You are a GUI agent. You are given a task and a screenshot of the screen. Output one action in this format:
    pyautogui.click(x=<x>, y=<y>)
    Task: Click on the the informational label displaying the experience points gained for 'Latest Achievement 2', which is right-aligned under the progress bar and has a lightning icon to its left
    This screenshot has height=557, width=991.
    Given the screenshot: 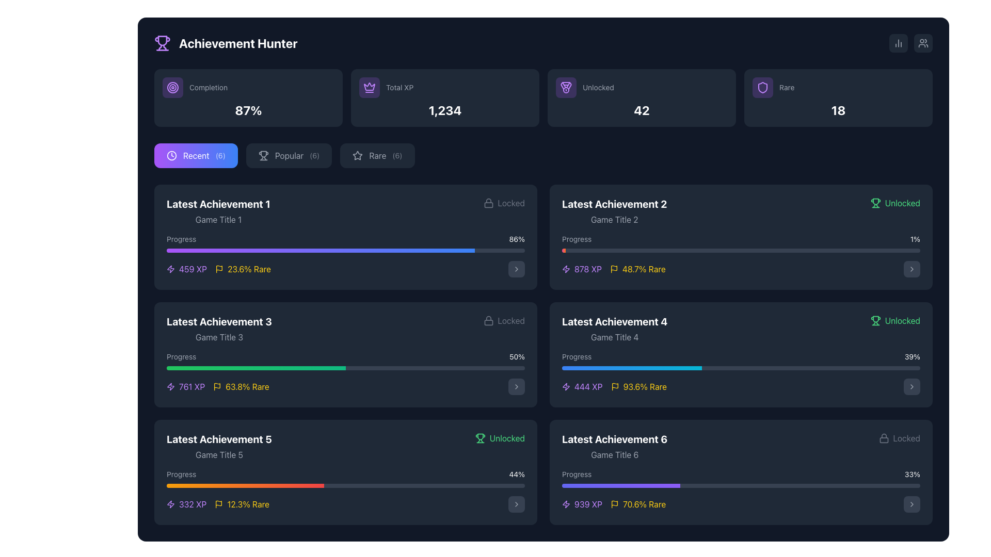 What is the action you would take?
    pyautogui.click(x=588, y=268)
    